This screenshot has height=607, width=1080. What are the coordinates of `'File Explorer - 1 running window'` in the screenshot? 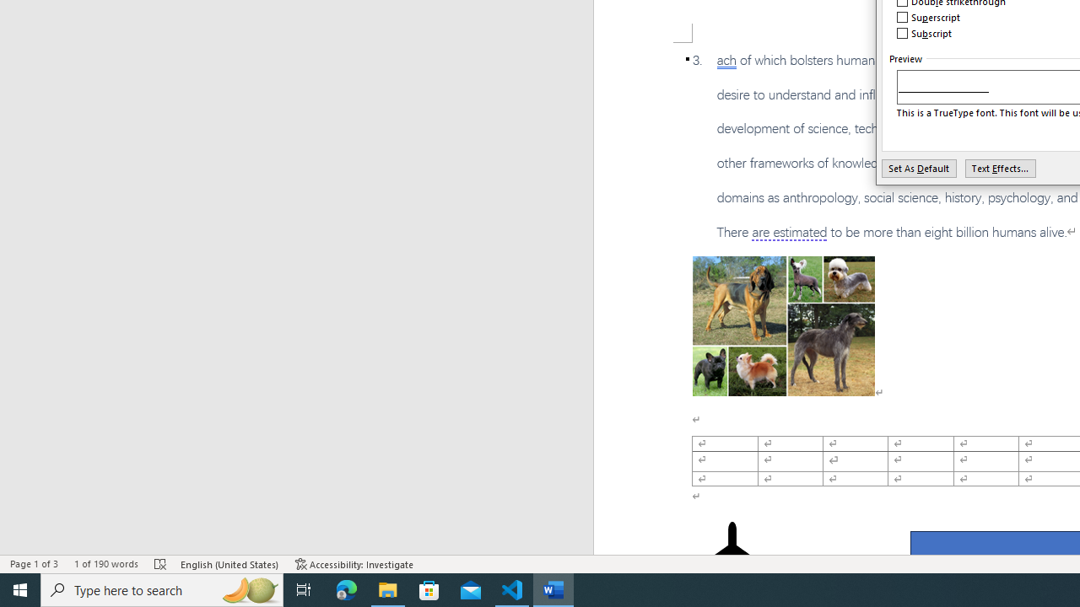 It's located at (387, 588).